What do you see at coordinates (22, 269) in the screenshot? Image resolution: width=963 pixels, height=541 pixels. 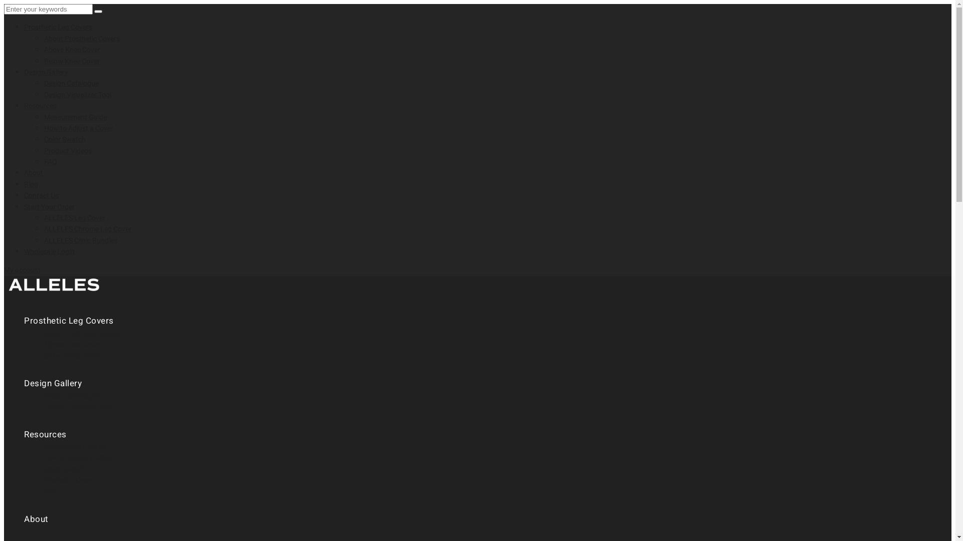 I see `'My account'` at bounding box center [22, 269].